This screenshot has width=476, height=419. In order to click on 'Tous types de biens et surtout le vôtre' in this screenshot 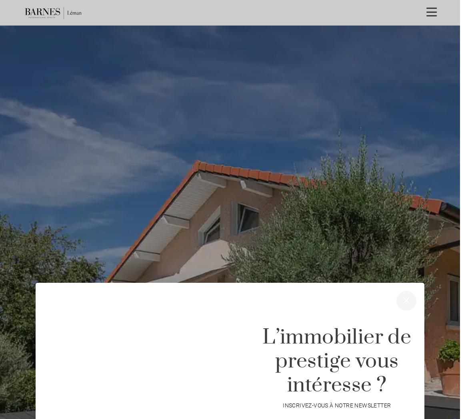, I will do `click(167, 315)`.